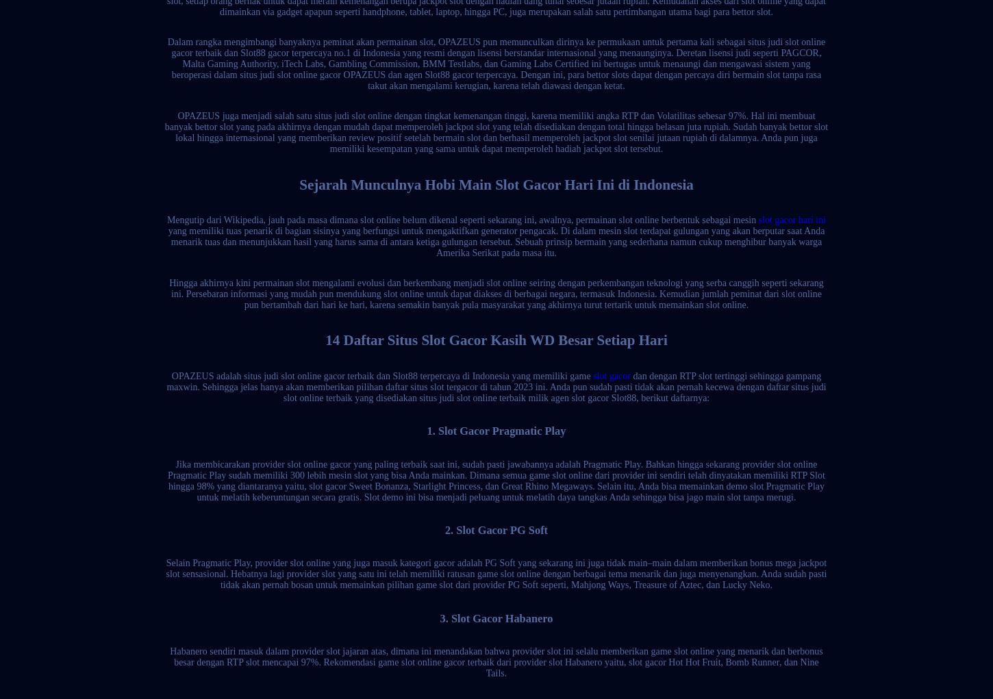 This screenshot has width=993, height=699. I want to click on 'yang memiliki tuas penarik di bagian sisinya yang berfungsi untuk mengaktifkan generator pengacak. Di dalam mesin slot terdapat gulungan yang akan berputar saat Anda menarik tuas dan menunjukkan hasil yang harus sama di antara ketiga gulungan tersebut. Sebuah prinsip bermain yang sederhana namun cukup menghibur banyak warga Amerika Serikat pada masa itu.', so click(495, 241).